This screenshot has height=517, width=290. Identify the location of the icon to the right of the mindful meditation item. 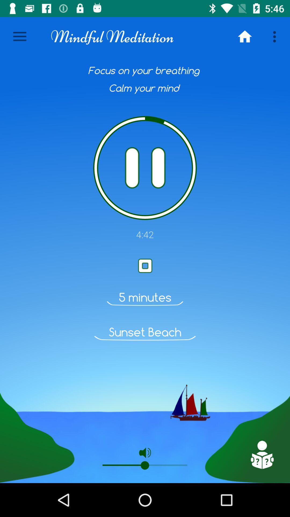
(245, 36).